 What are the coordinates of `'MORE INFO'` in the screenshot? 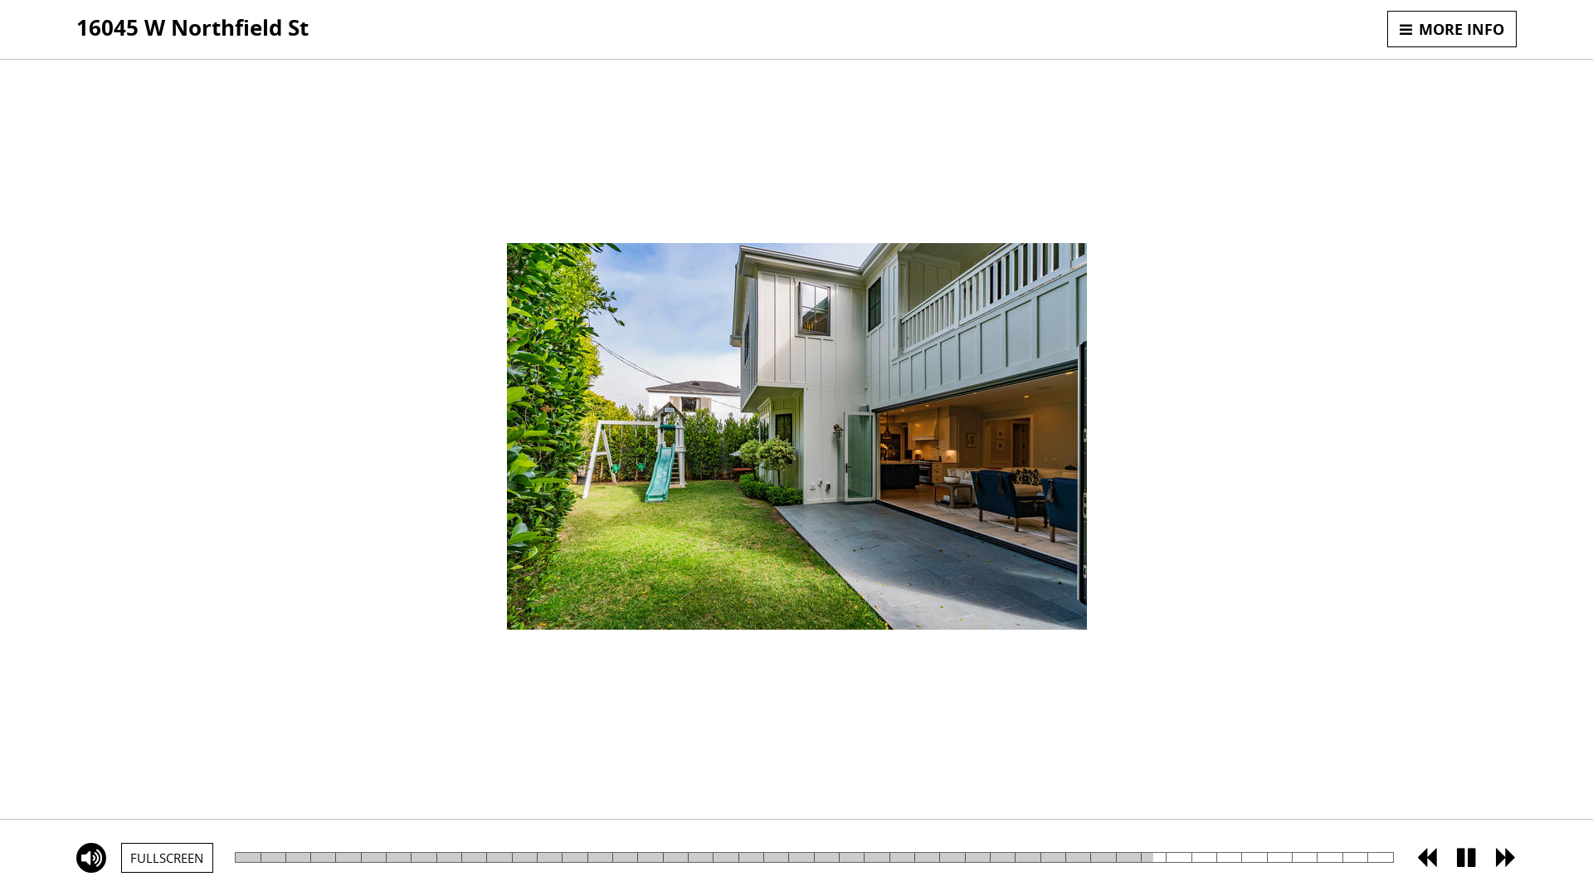 It's located at (1386, 28).